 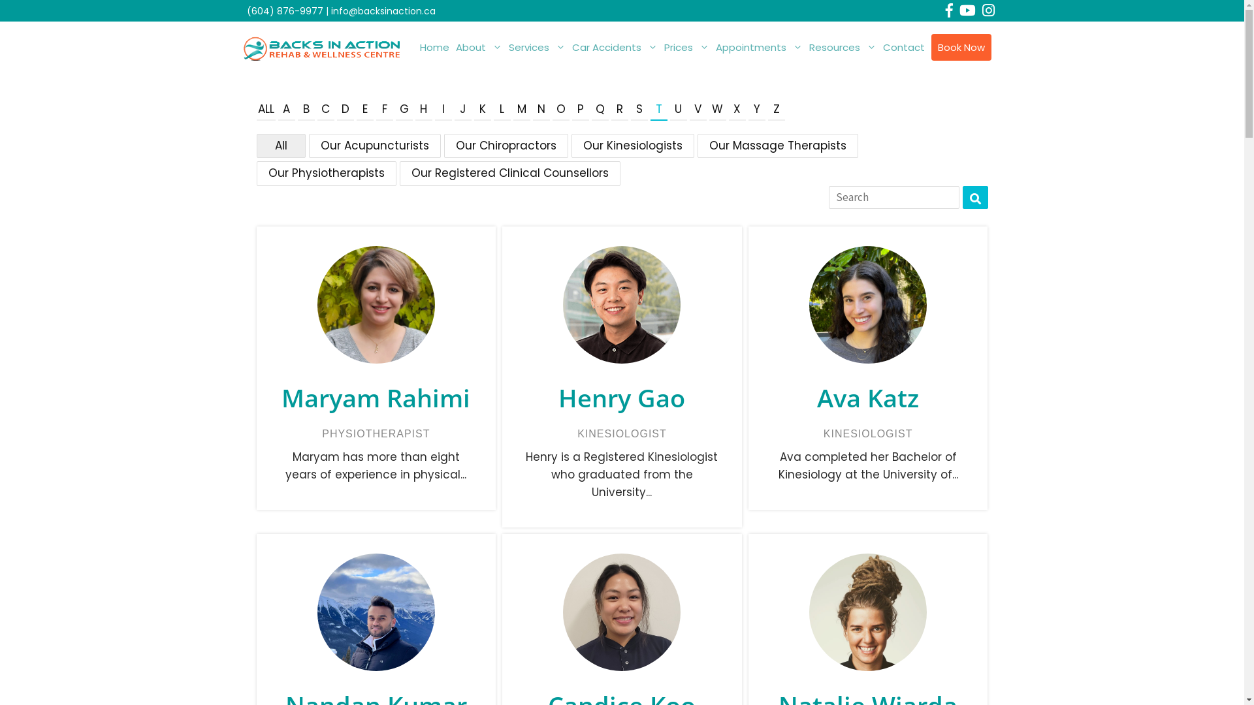 What do you see at coordinates (717, 110) in the screenshot?
I see `'W'` at bounding box center [717, 110].